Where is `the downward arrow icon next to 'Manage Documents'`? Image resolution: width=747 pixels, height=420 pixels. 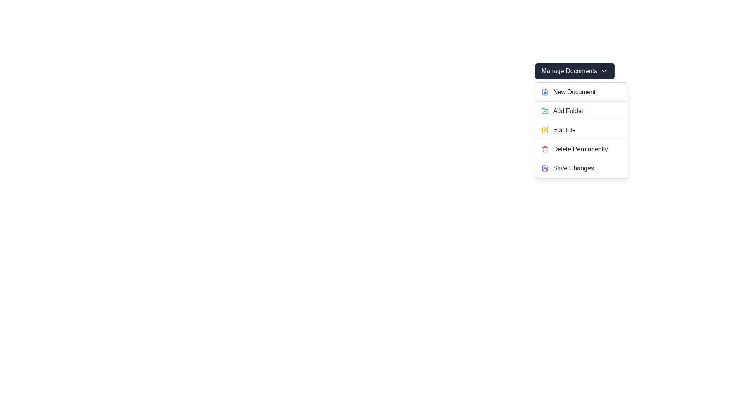 the downward arrow icon next to 'Manage Documents' is located at coordinates (604, 71).